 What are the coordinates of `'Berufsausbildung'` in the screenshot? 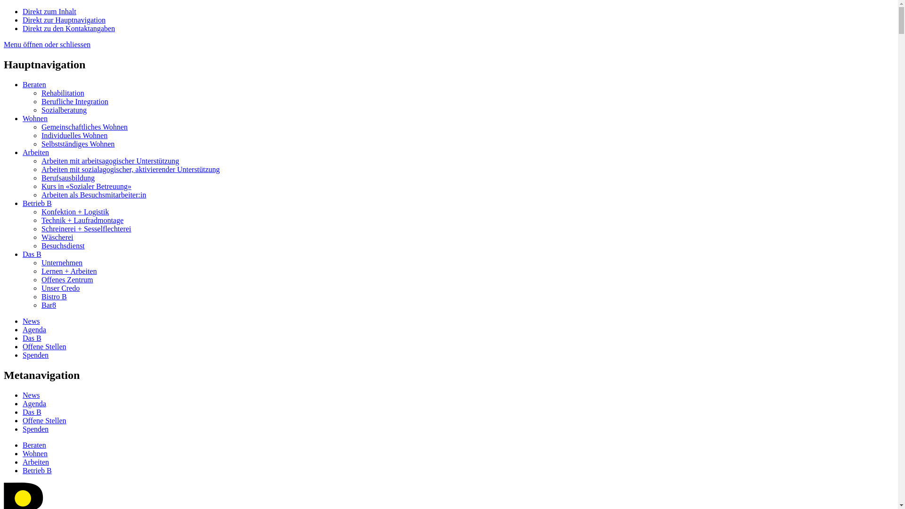 It's located at (67, 178).